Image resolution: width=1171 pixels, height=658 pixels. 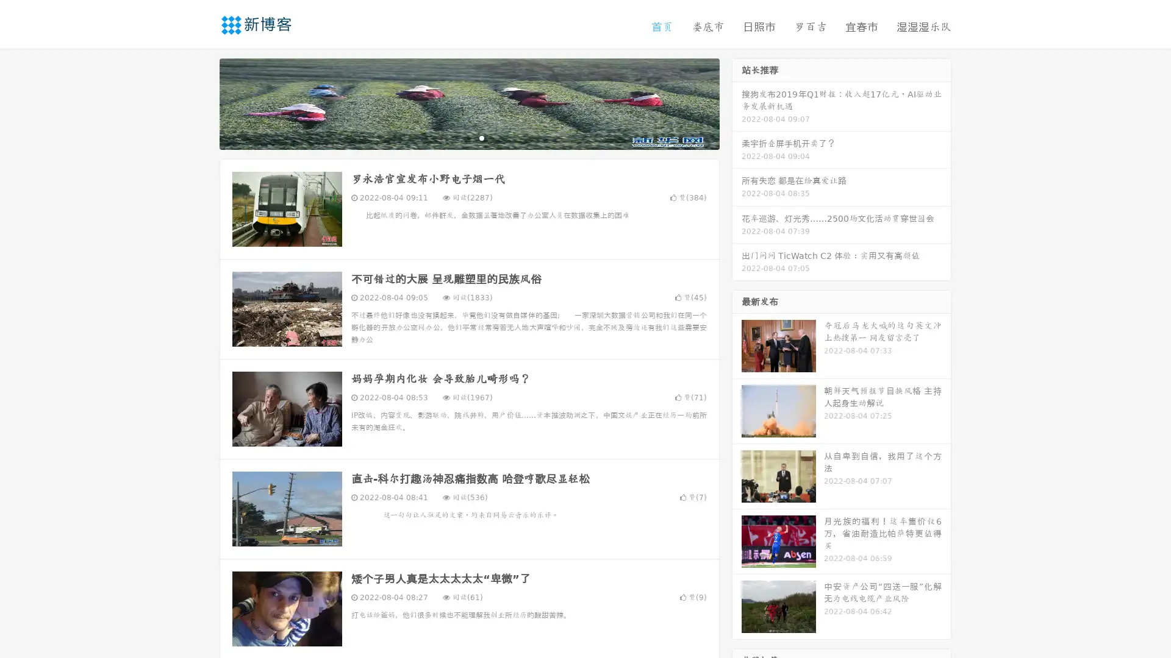 I want to click on Go to slide 2, so click(x=468, y=137).